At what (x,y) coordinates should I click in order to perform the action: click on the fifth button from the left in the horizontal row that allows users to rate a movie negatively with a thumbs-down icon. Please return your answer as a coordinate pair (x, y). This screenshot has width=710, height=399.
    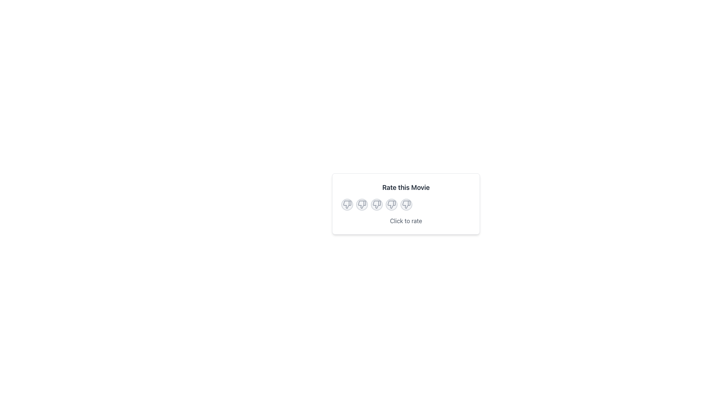
    Looking at the image, I should click on (406, 205).